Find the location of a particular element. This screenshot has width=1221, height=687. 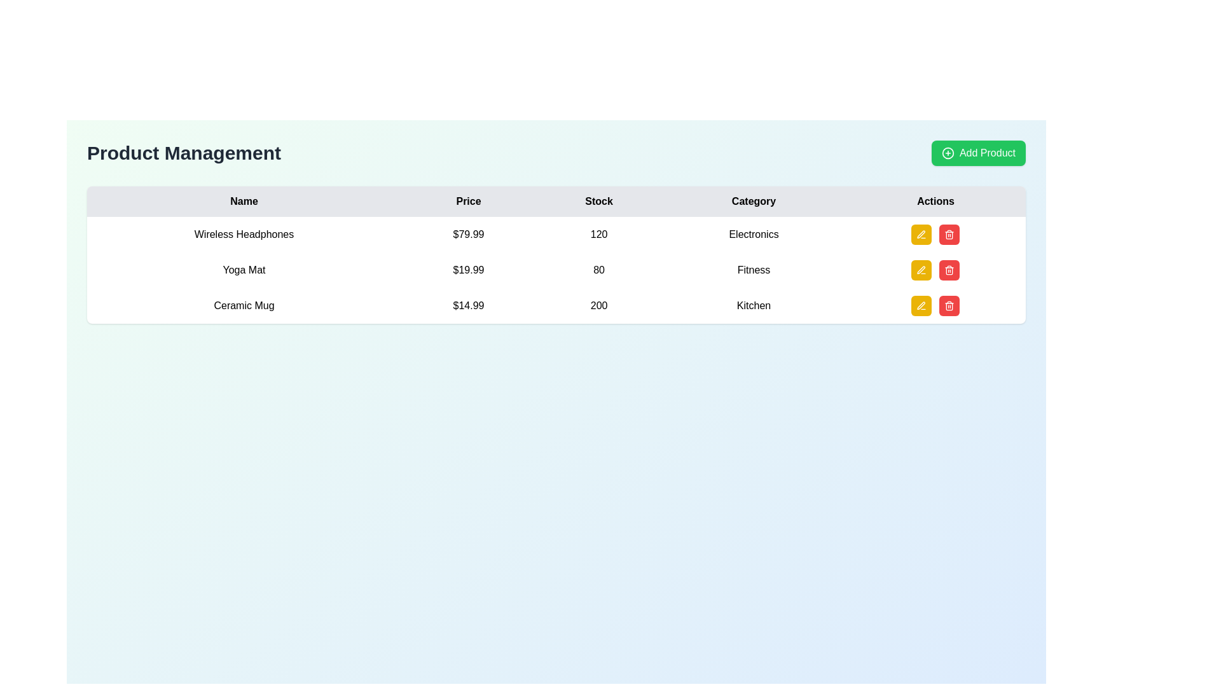

the text label displaying 'Kitchen' which is located in the fourth column of the last row in the grid layout, adjacent to '200' on the left and action buttons on the right is located at coordinates (754, 306).